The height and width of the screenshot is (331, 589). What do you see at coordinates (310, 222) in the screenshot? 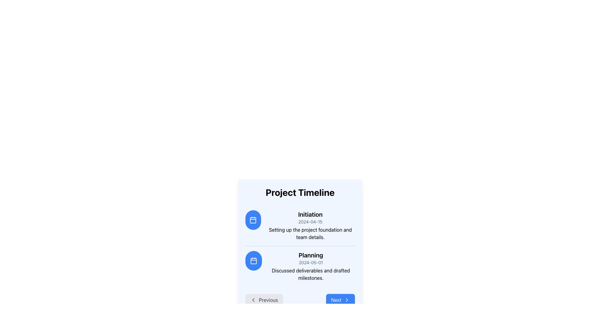
I see `the text element presenting a key date associated with the phase indicated in the title 'Initiation', located directly below 'Initiation' and above 'Setting up the project foundation and team details'` at bounding box center [310, 222].